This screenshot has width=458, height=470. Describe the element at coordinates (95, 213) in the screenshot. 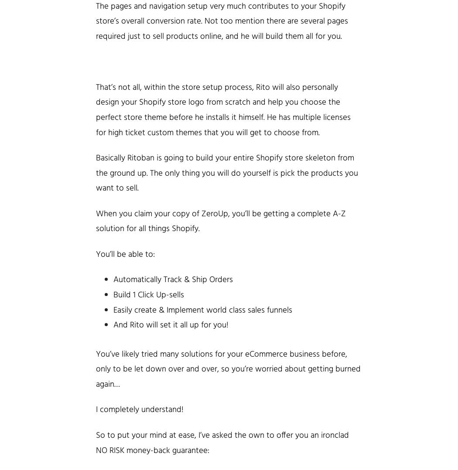

I see `'When you claim your copy of'` at that location.